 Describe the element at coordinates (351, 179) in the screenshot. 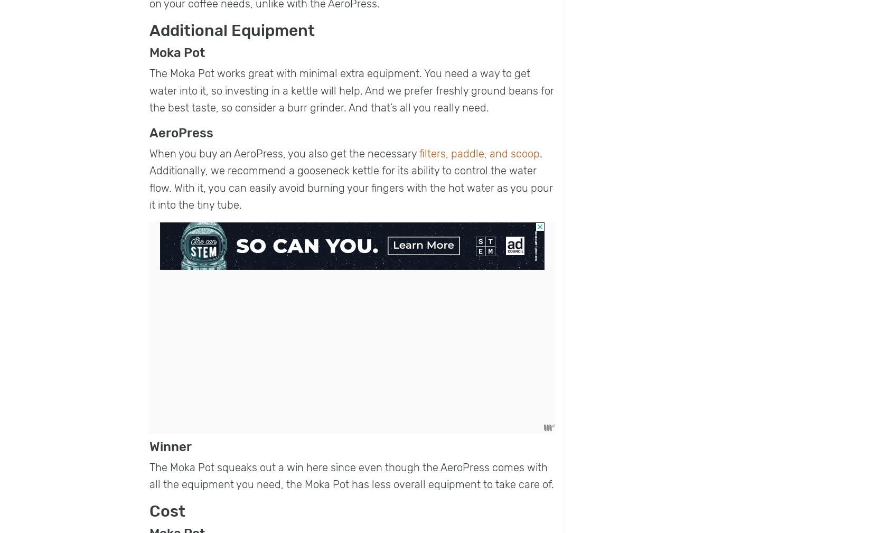

I see `'. Additionally, we recommend a gooseneck kettle for its ability to control the water flow. With it, you can easily avoid burning your fingers with the hot water as you pour it into the tiny tube.'` at that location.